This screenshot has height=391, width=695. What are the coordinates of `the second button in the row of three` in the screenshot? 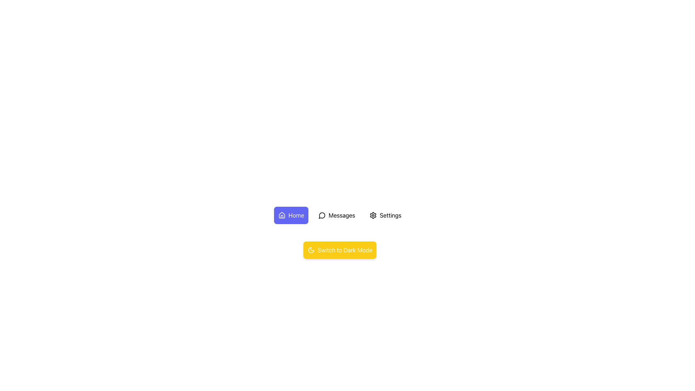 It's located at (336, 215).